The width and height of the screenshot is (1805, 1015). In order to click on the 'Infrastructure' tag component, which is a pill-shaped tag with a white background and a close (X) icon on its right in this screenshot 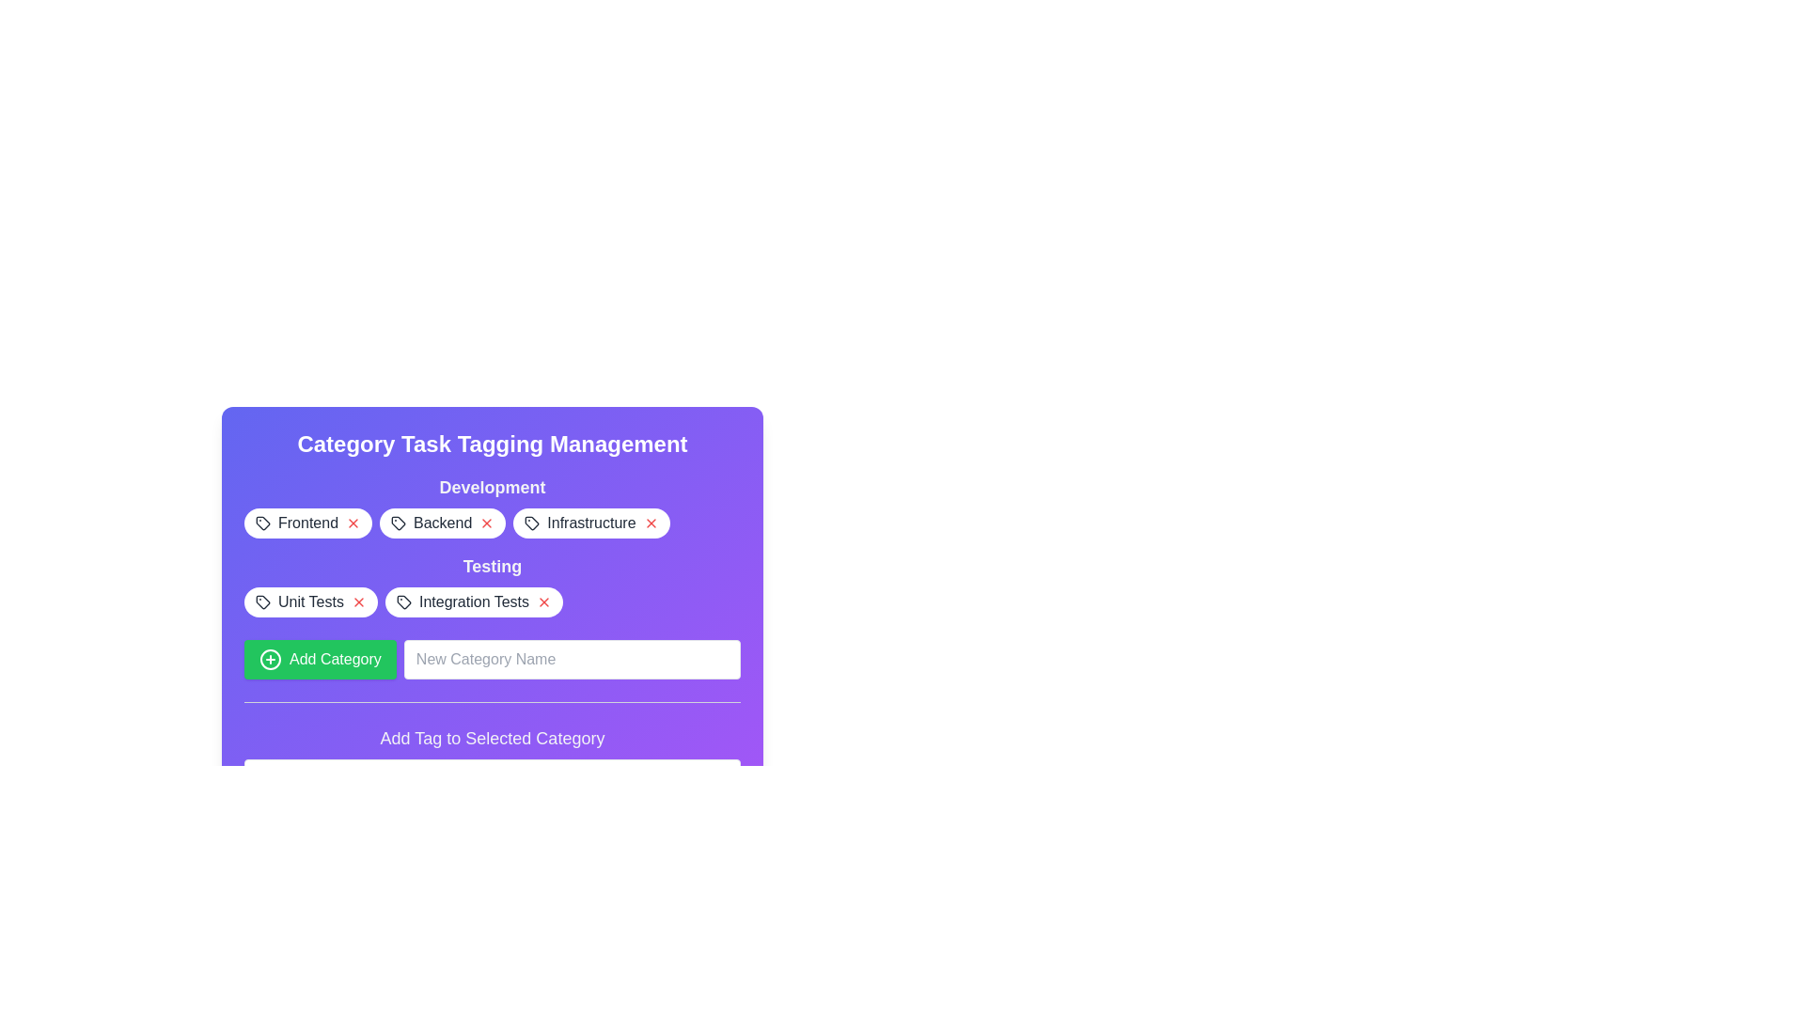, I will do `click(590, 523)`.